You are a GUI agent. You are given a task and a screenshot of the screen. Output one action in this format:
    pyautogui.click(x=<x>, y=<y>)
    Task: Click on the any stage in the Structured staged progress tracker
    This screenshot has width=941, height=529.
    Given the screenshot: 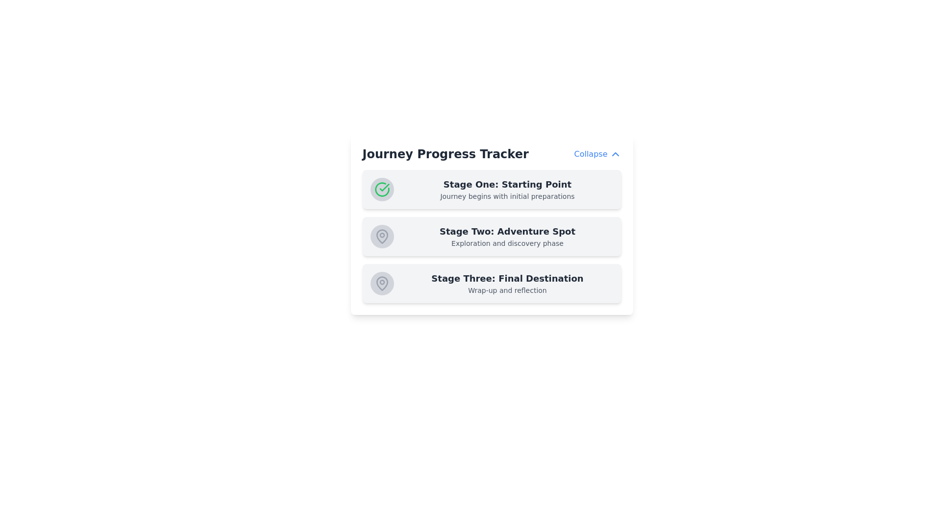 What is the action you would take?
    pyautogui.click(x=492, y=236)
    